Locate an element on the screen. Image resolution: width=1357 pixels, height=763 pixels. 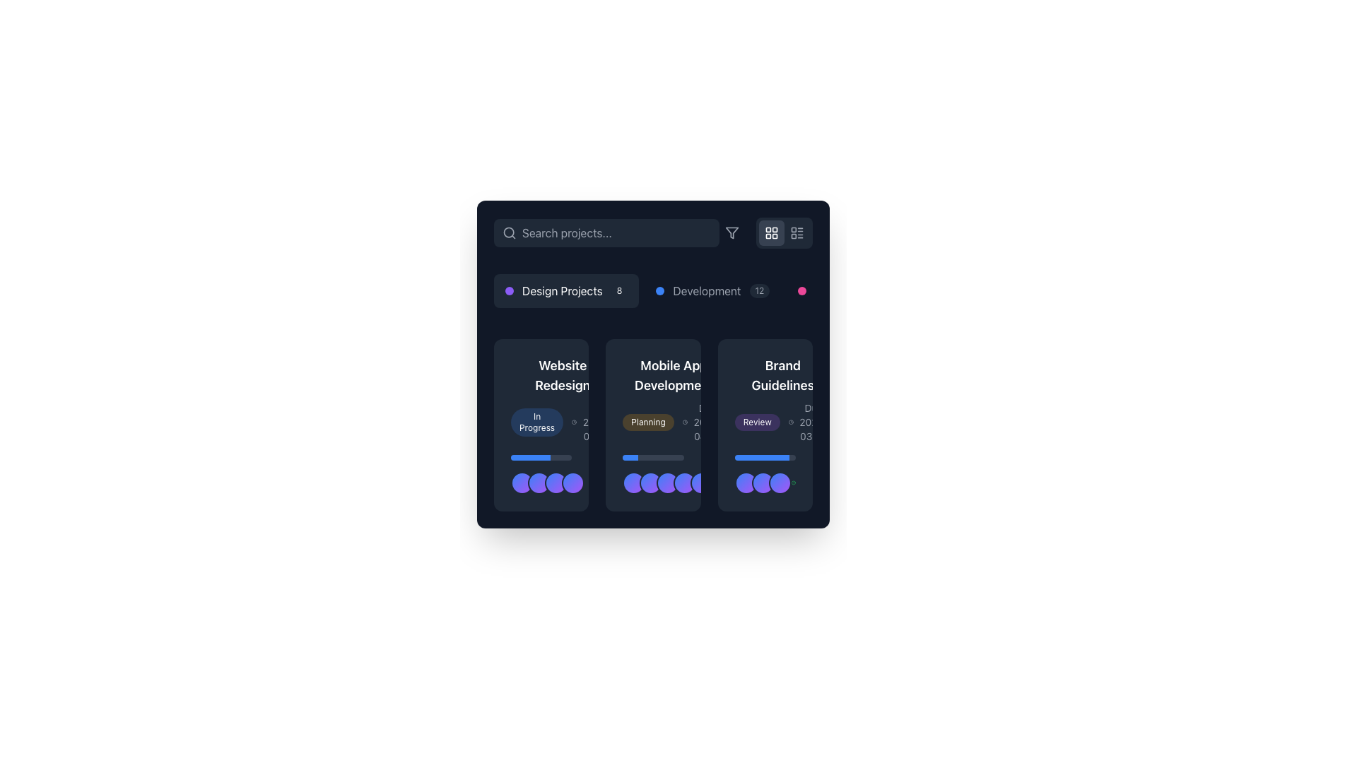
the gray funnel icon button located between the search bar and layout-grid icon button is located at coordinates (732, 232).